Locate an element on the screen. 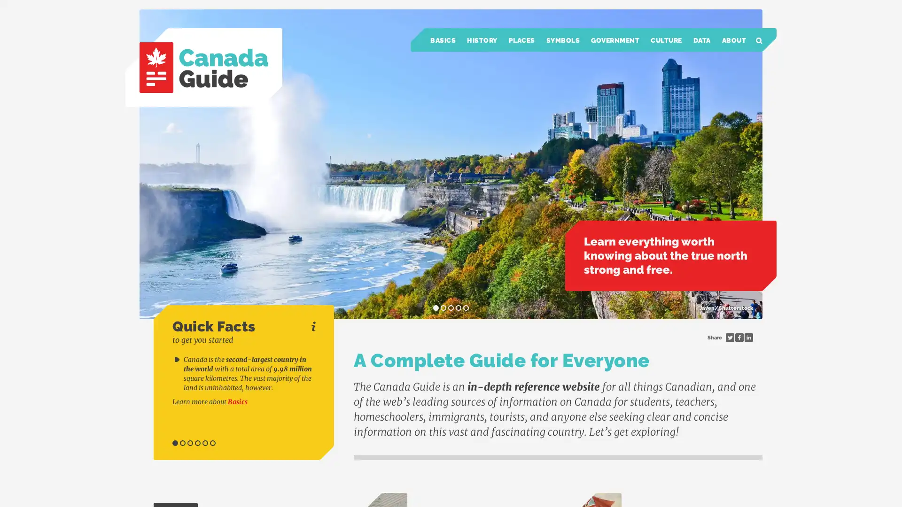 This screenshot has width=902, height=507. Go to slide 5 is located at coordinates (466, 307).